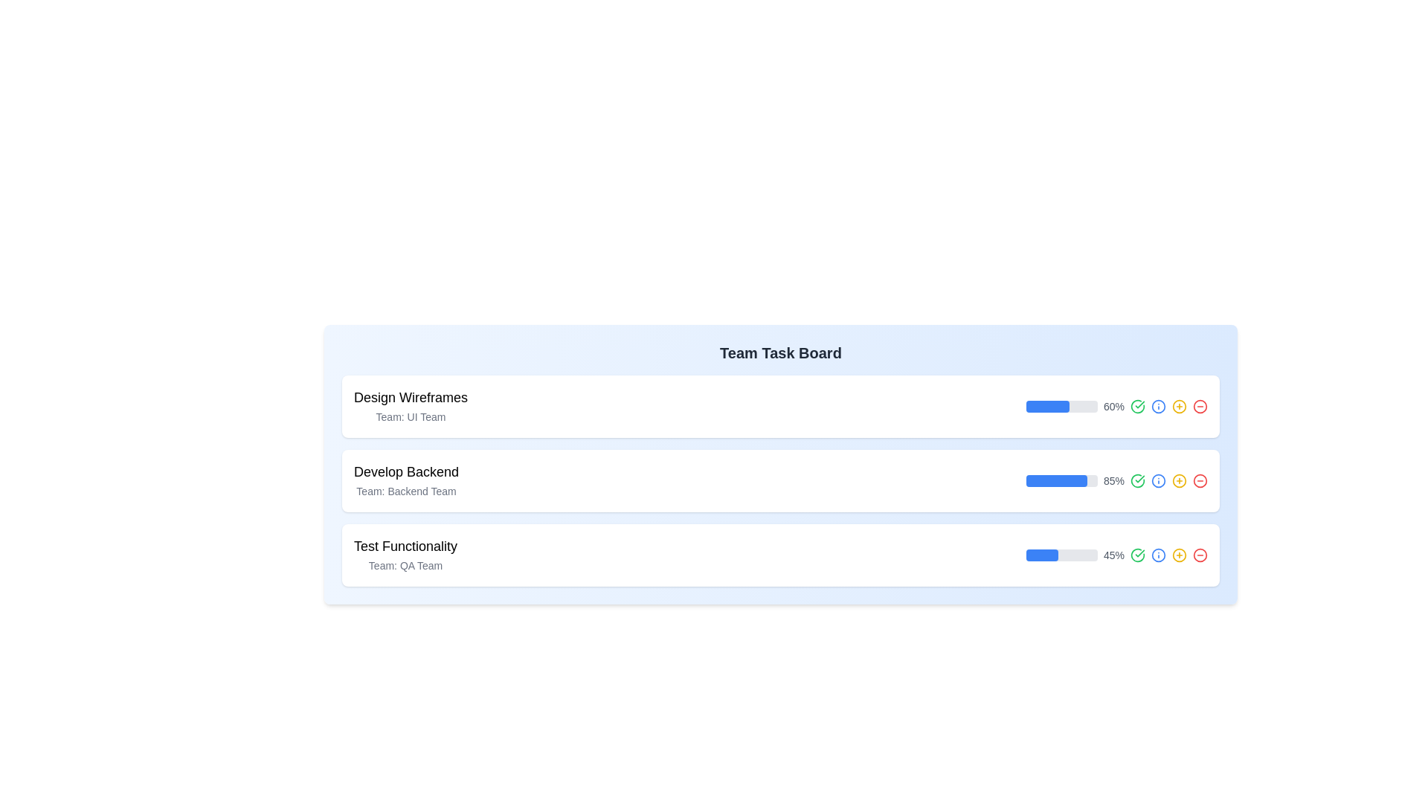  What do you see at coordinates (406, 472) in the screenshot?
I see `the Text Label that serves as the title of a task in the second row of the vertically stacked list` at bounding box center [406, 472].